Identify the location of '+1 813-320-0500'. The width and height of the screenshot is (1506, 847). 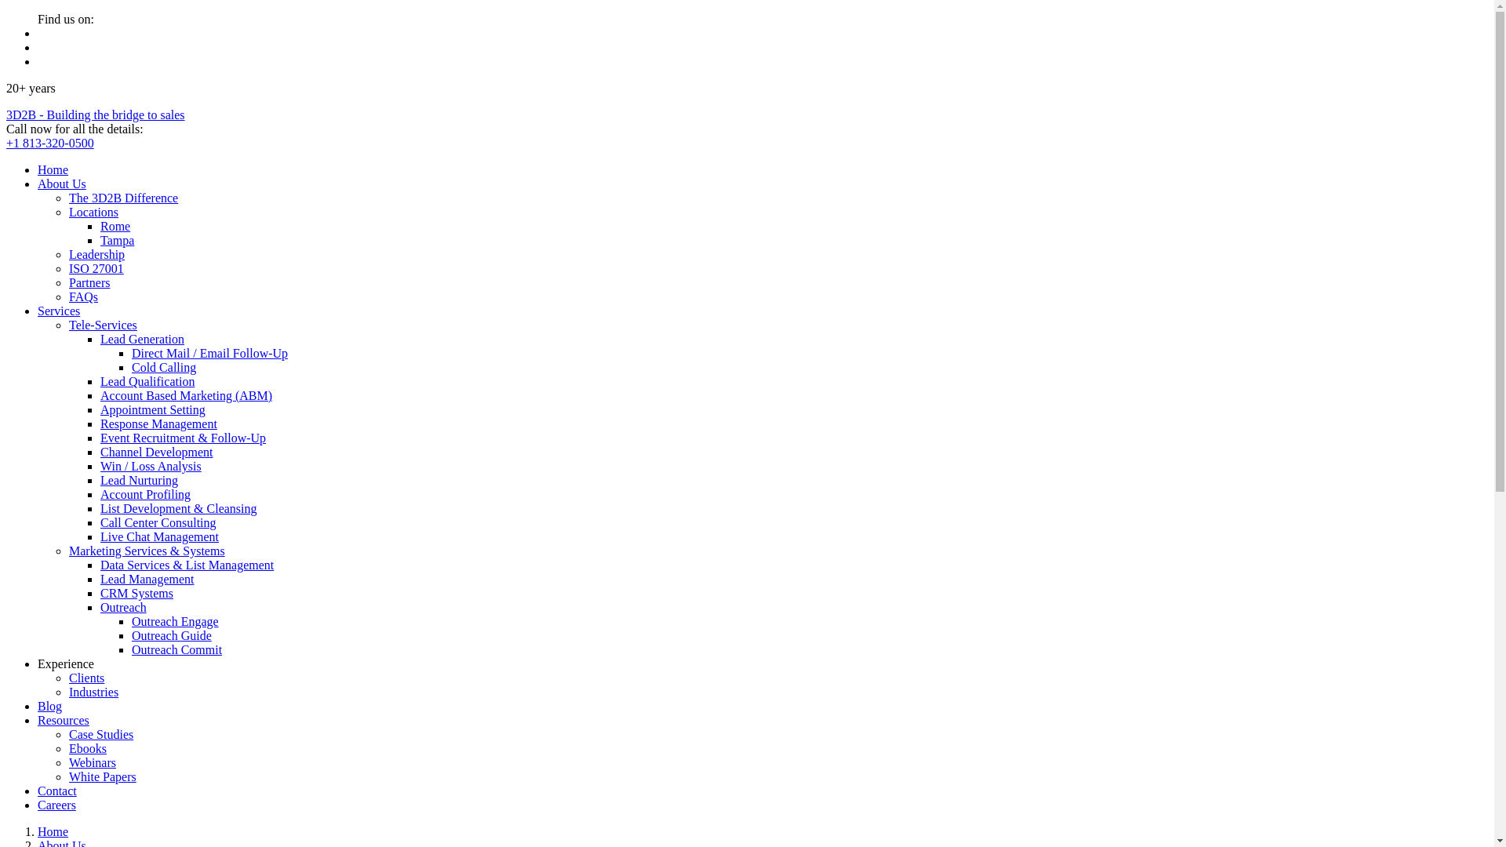
(49, 143).